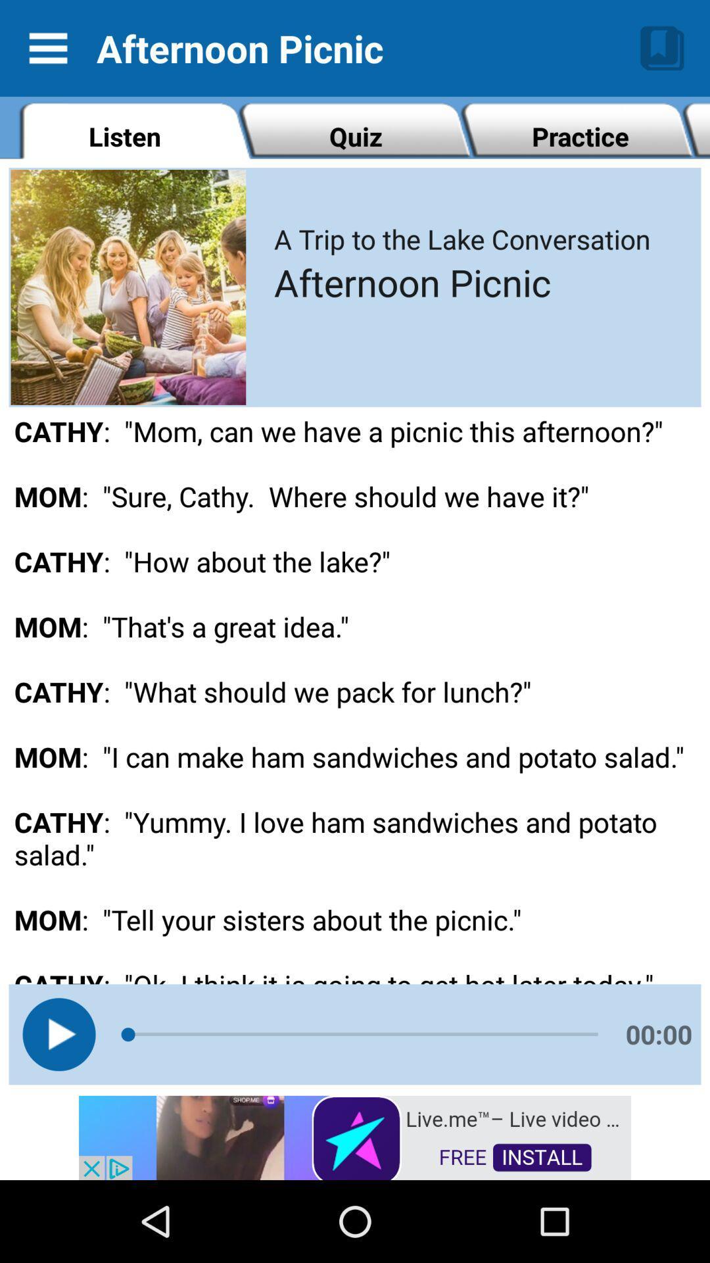 This screenshot has width=710, height=1263. I want to click on advert, so click(355, 1136).